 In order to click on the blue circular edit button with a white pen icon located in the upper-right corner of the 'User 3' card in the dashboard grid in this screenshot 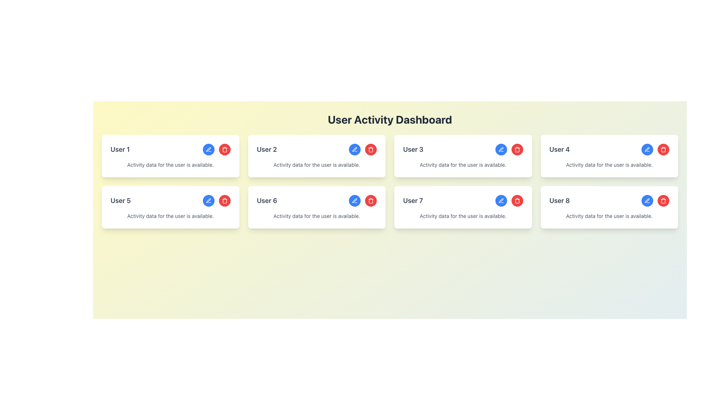, I will do `click(501, 149)`.